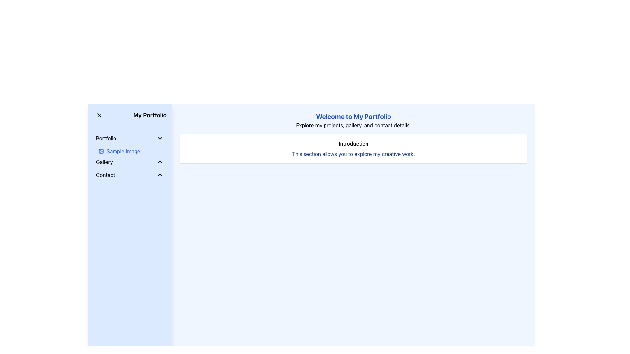 The height and width of the screenshot is (354, 630). Describe the element at coordinates (106, 138) in the screenshot. I see `the Text label within the sidebar that serves as a navigation button, located below the 'My Portfolio' heading and next to a chevron icon` at that location.